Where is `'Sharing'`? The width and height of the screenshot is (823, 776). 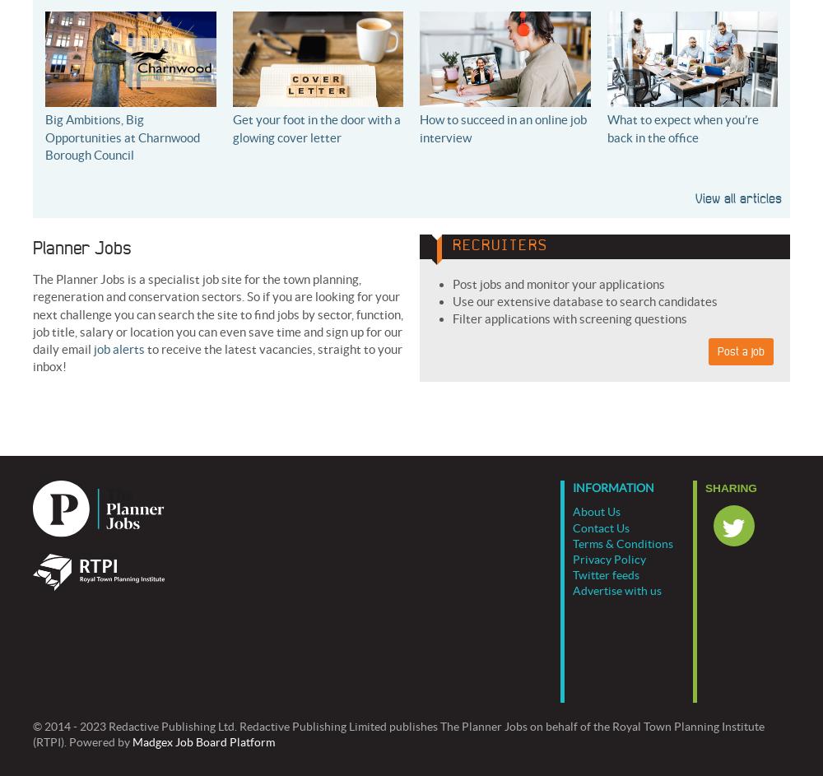
'Sharing' is located at coordinates (731, 487).